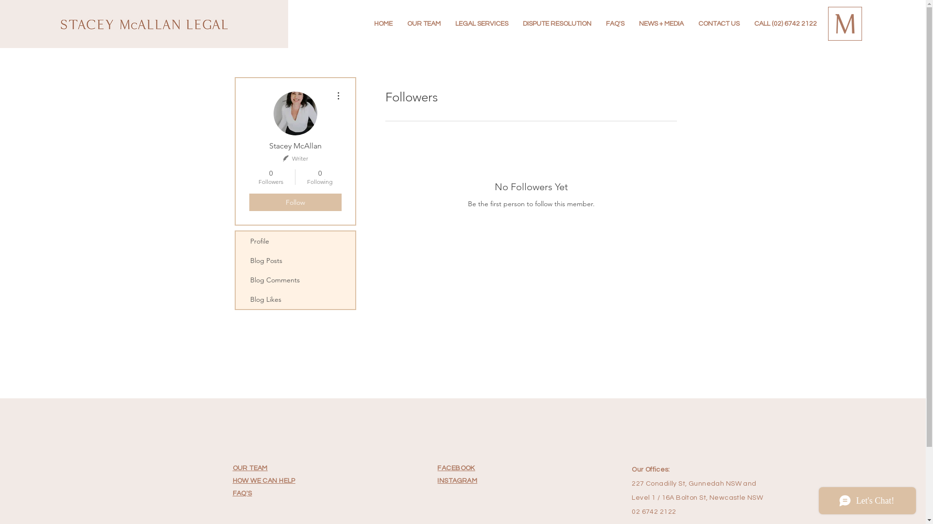 This screenshot has width=933, height=524. What do you see at coordinates (482, 23) in the screenshot?
I see `'LEGAL SERVICES'` at bounding box center [482, 23].